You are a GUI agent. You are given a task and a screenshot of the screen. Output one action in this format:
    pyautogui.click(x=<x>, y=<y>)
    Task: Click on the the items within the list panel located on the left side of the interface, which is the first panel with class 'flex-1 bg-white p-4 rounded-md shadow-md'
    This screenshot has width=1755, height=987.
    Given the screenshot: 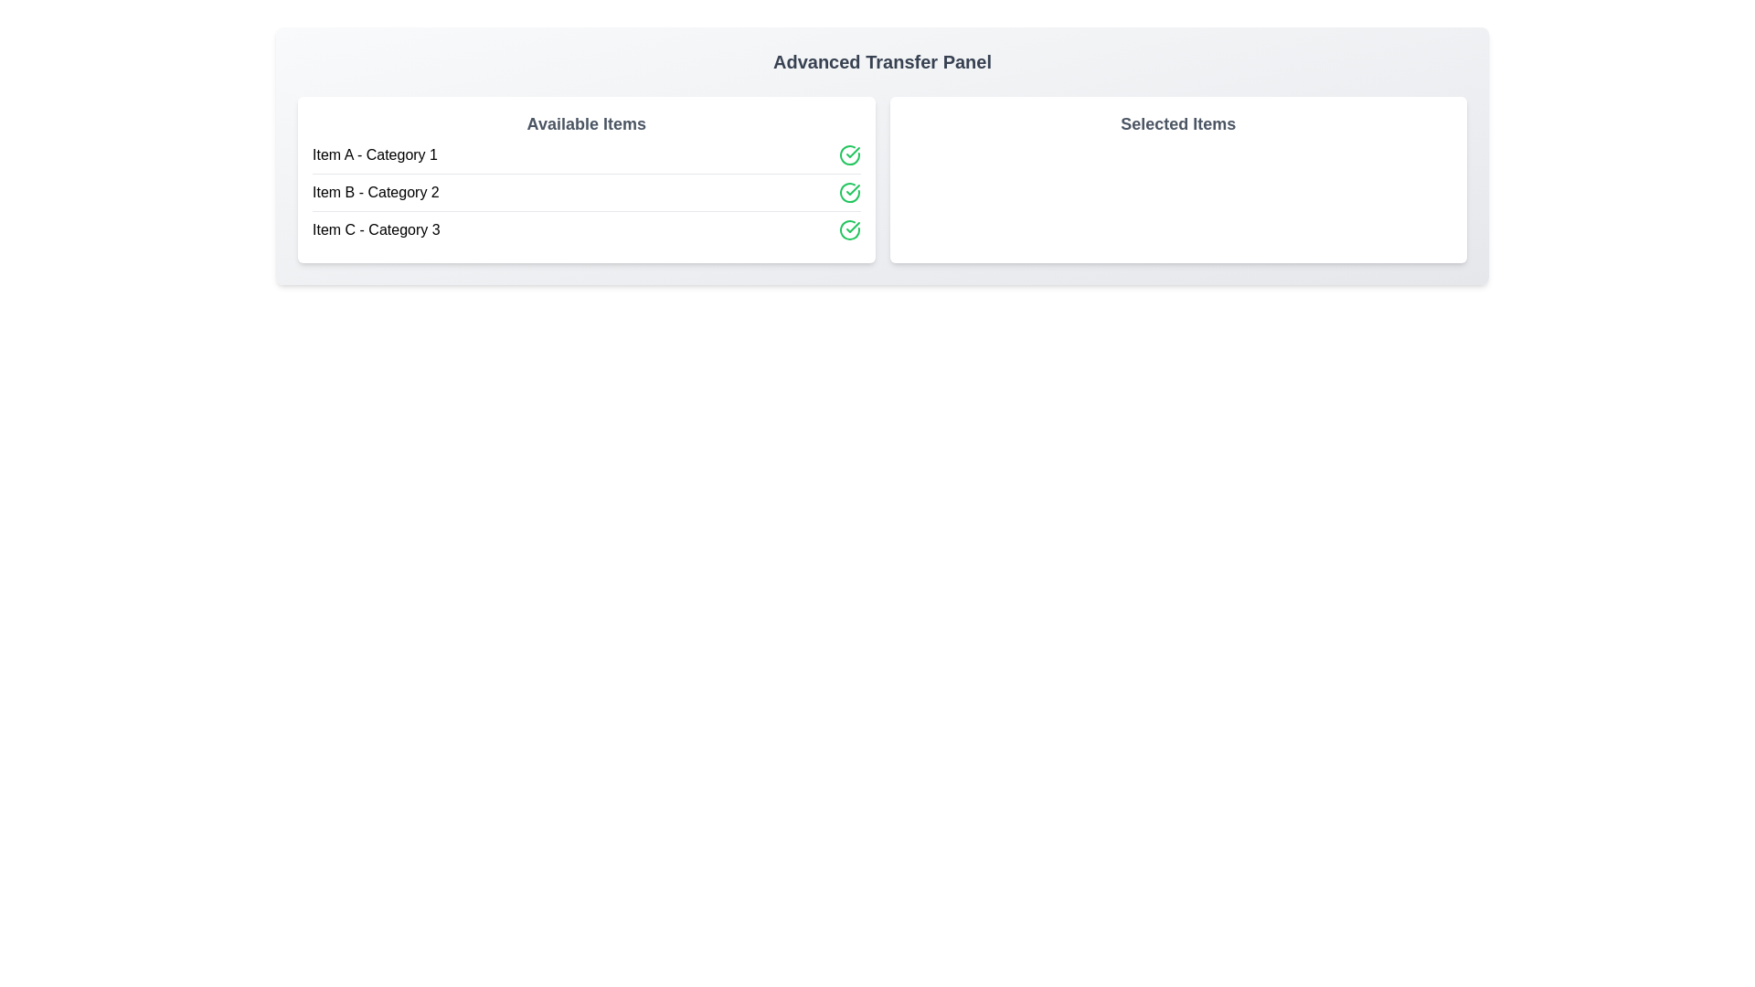 What is the action you would take?
    pyautogui.click(x=586, y=179)
    